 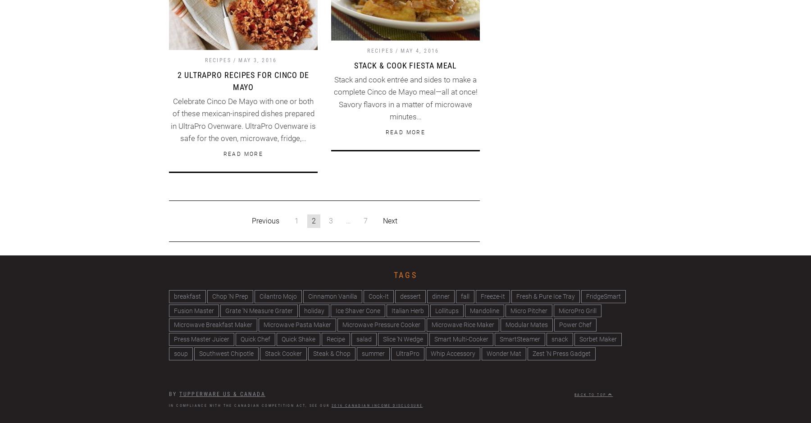 I want to click on 'breakfast', so click(x=173, y=296).